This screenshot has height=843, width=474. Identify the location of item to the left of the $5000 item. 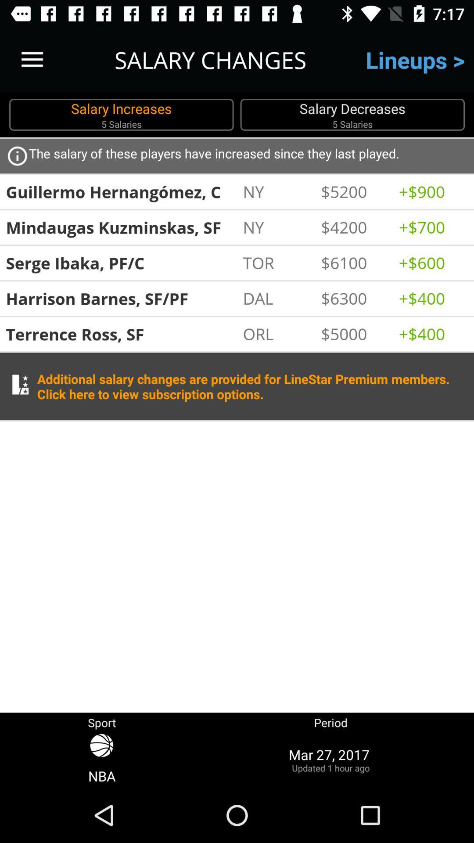
(277, 333).